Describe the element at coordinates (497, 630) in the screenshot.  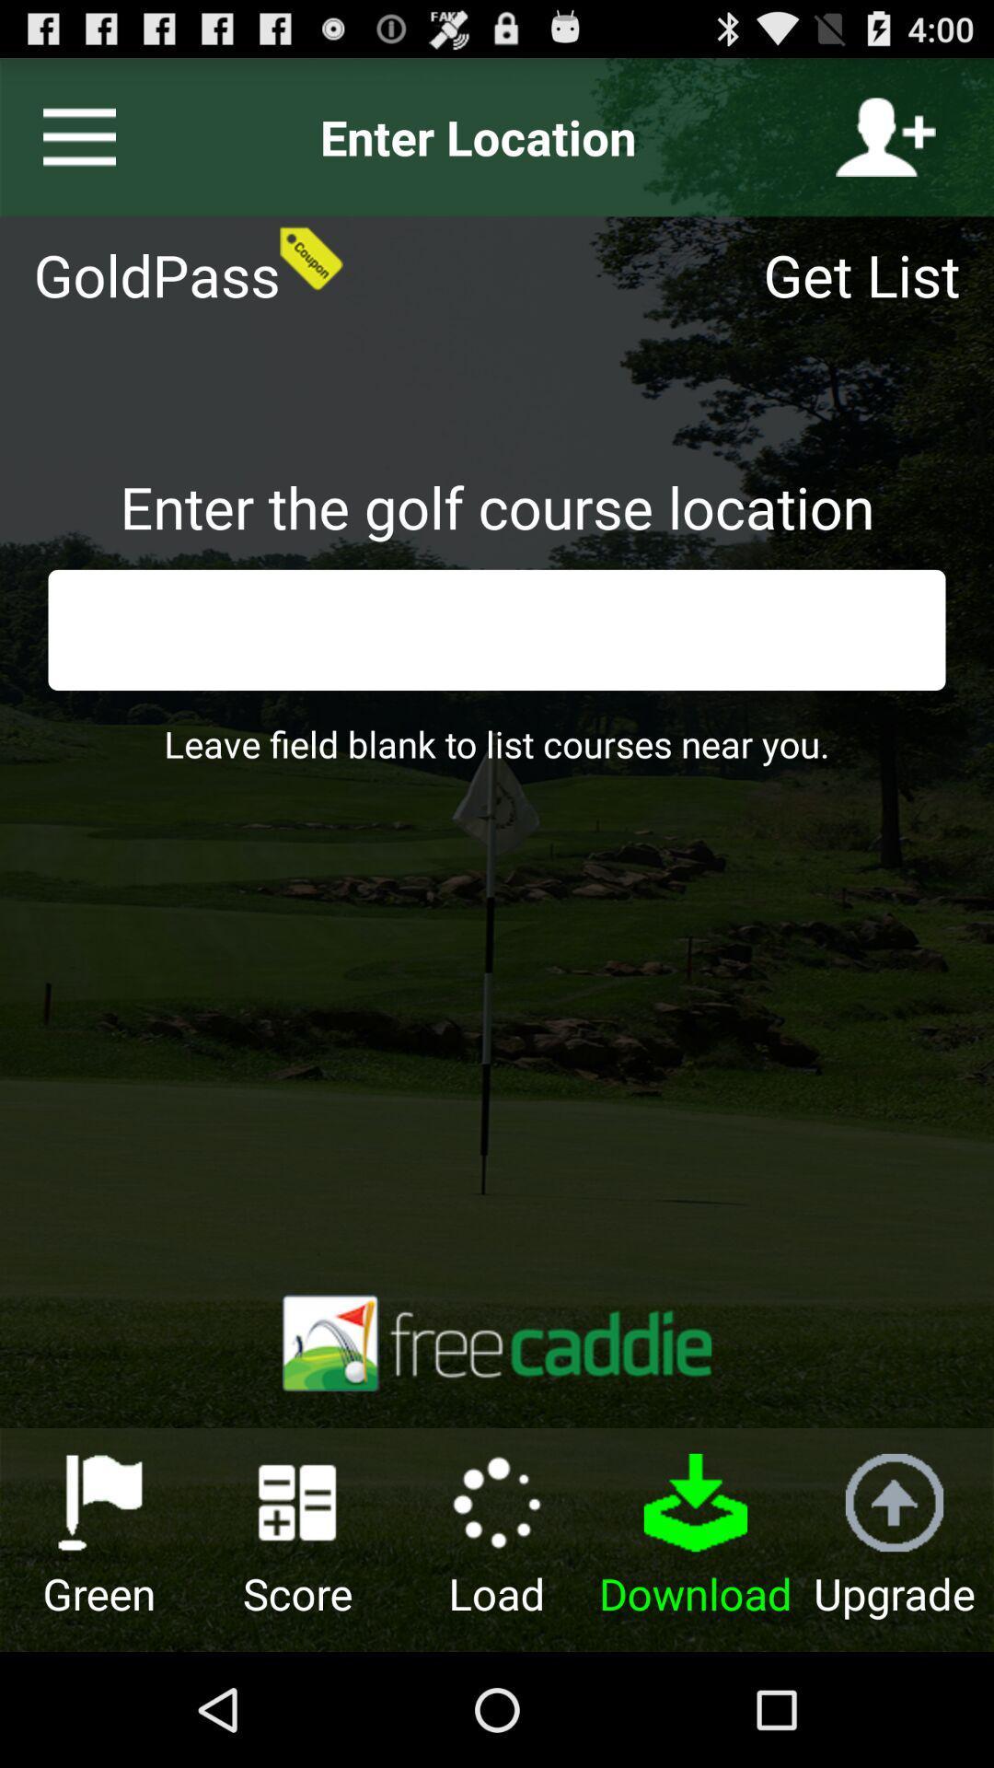
I see `search` at that location.